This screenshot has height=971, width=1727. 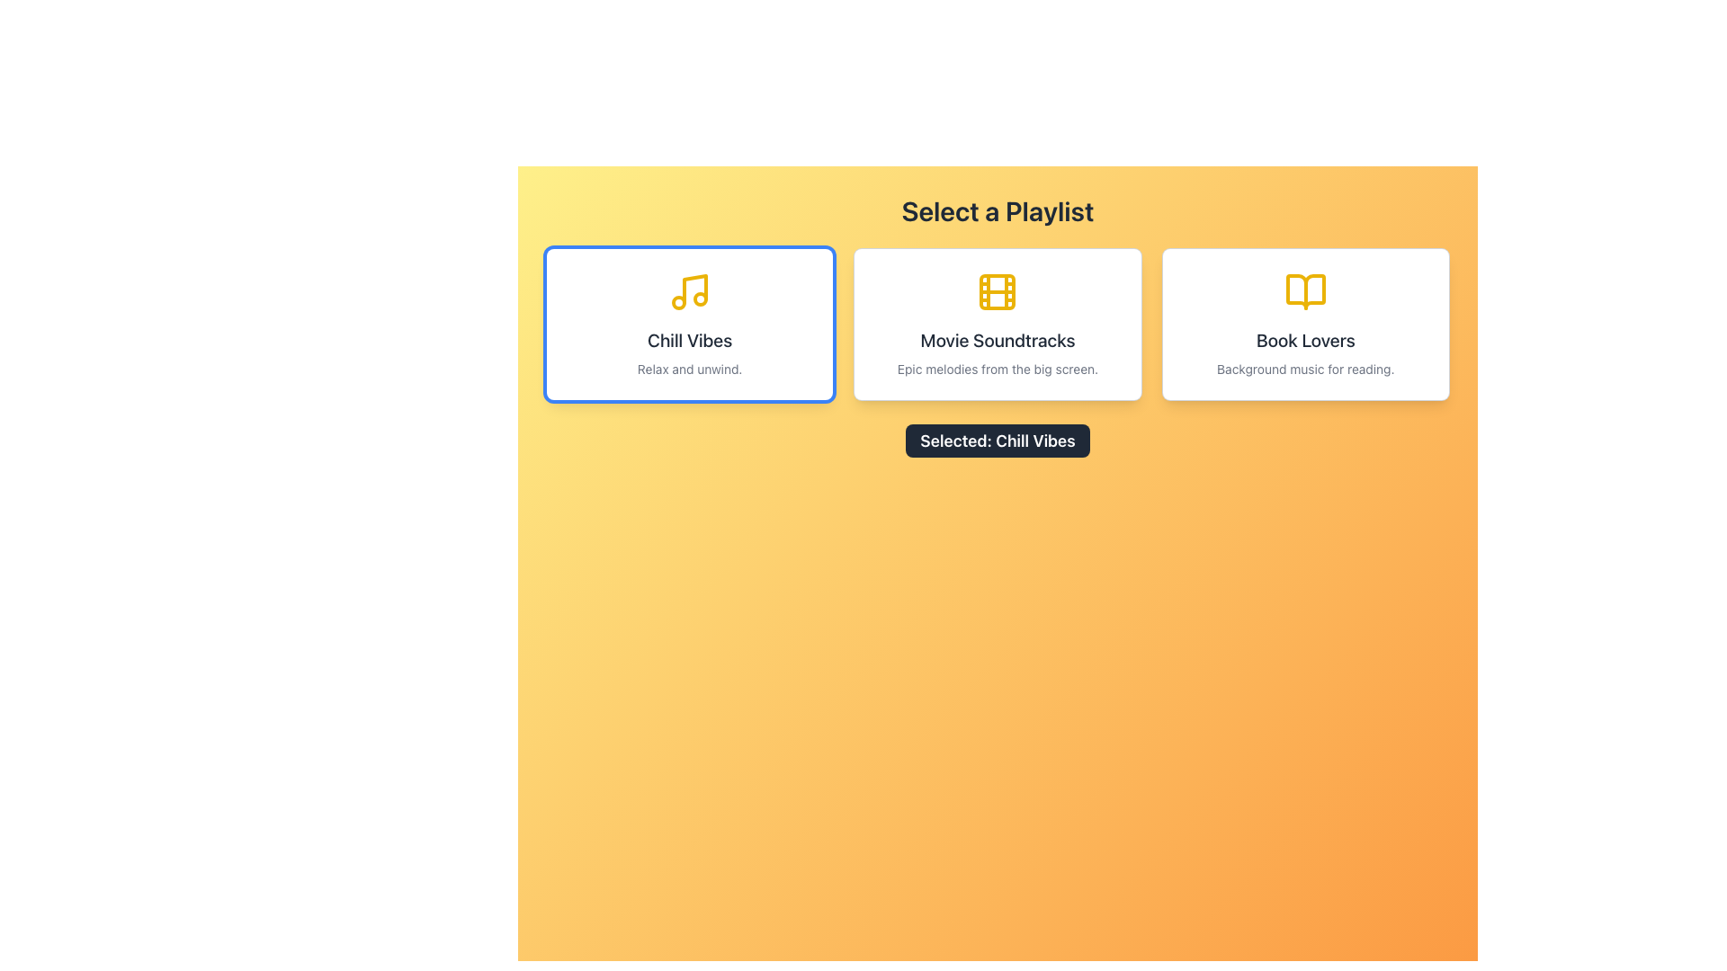 What do you see at coordinates (1305, 290) in the screenshot?
I see `the 'Book Lovers' playlist category icon located to the left of the text content within the 'Book Lovers' card` at bounding box center [1305, 290].